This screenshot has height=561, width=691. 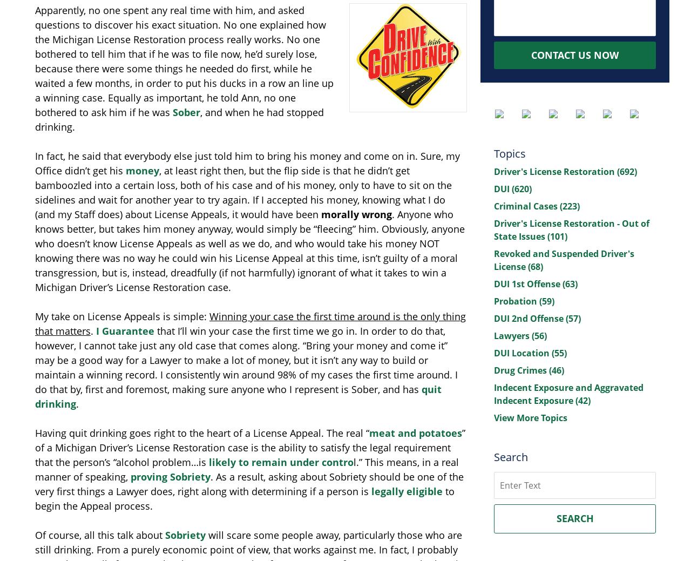 What do you see at coordinates (202, 432) in the screenshot?
I see `'Having quit drinking goes right to the heart of a License Appeal.  The real “'` at bounding box center [202, 432].